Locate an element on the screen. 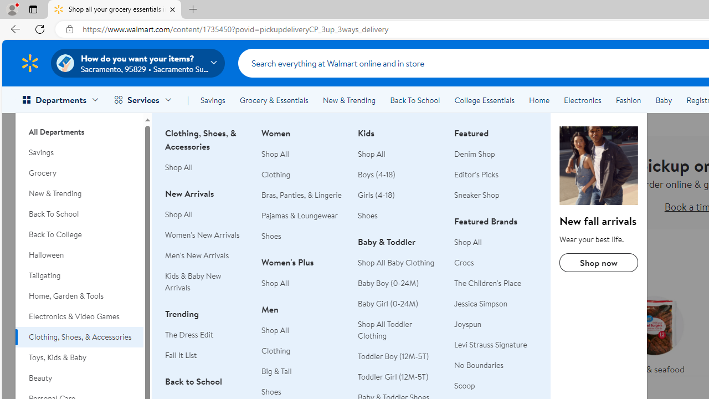 This screenshot has width=709, height=399. 'Girls (4-18)' is located at coordinates (376, 195).